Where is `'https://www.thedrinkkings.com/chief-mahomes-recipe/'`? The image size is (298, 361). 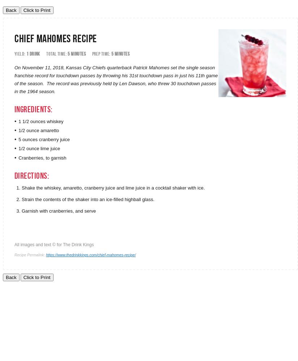
'https://www.thedrinkkings.com/chief-mahomes-recipe/' is located at coordinates (46, 255).